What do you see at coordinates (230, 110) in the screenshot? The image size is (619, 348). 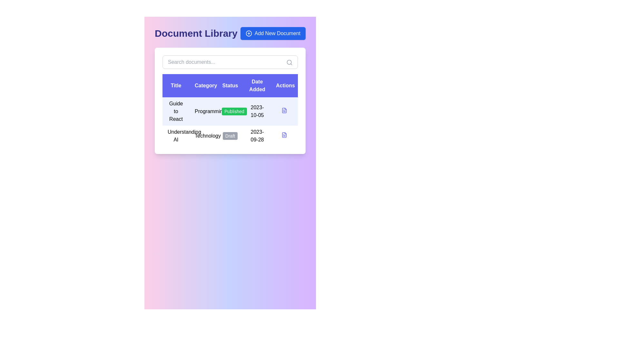 I see `data content from the centrally located table that displays documents, including title, category, publication status, date added, and available actions` at bounding box center [230, 110].